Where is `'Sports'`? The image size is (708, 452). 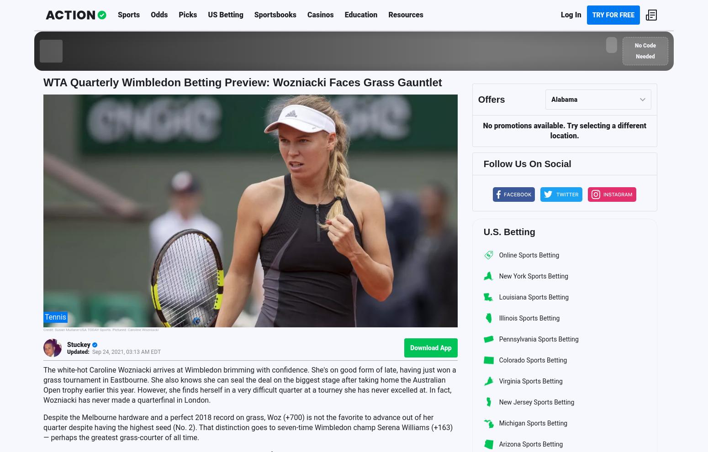 'Sports' is located at coordinates (128, 14).